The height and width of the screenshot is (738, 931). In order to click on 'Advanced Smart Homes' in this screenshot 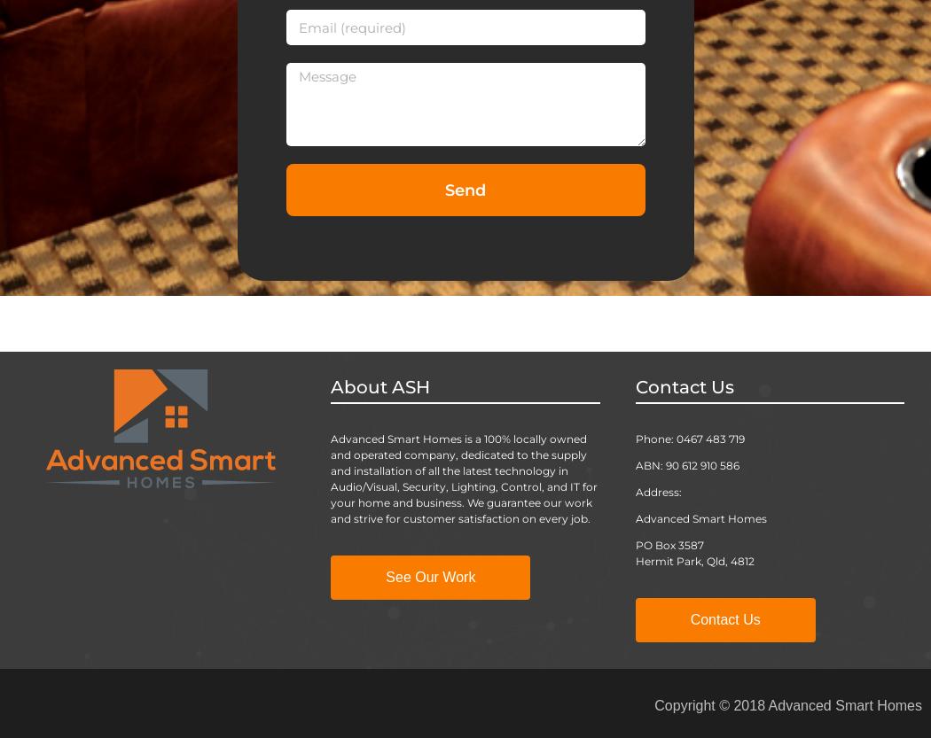, I will do `click(700, 517)`.